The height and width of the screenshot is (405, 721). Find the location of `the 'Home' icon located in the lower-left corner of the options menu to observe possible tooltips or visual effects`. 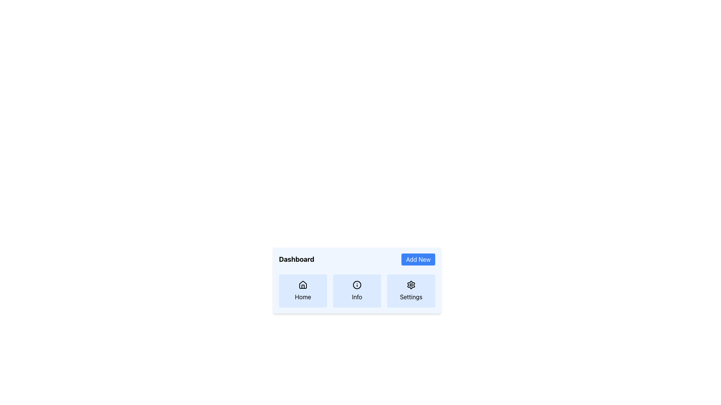

the 'Home' icon located in the lower-left corner of the options menu to observe possible tooltips or visual effects is located at coordinates (303, 285).